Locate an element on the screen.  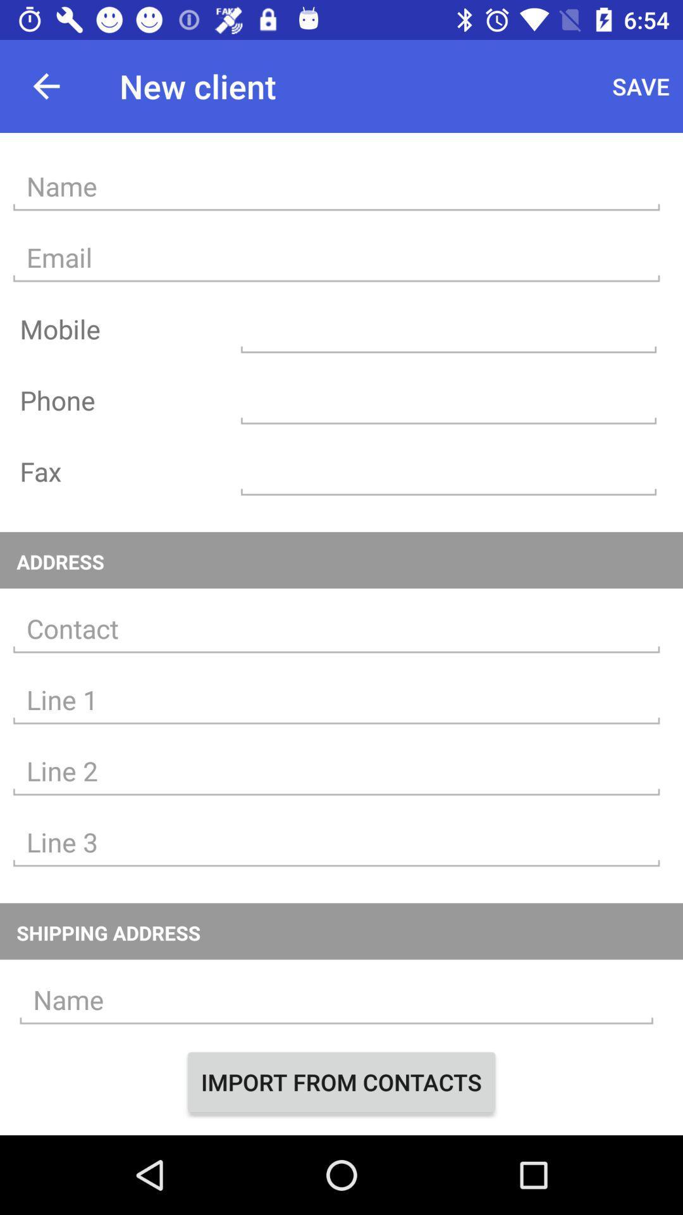
type contact information is located at coordinates (336, 699).